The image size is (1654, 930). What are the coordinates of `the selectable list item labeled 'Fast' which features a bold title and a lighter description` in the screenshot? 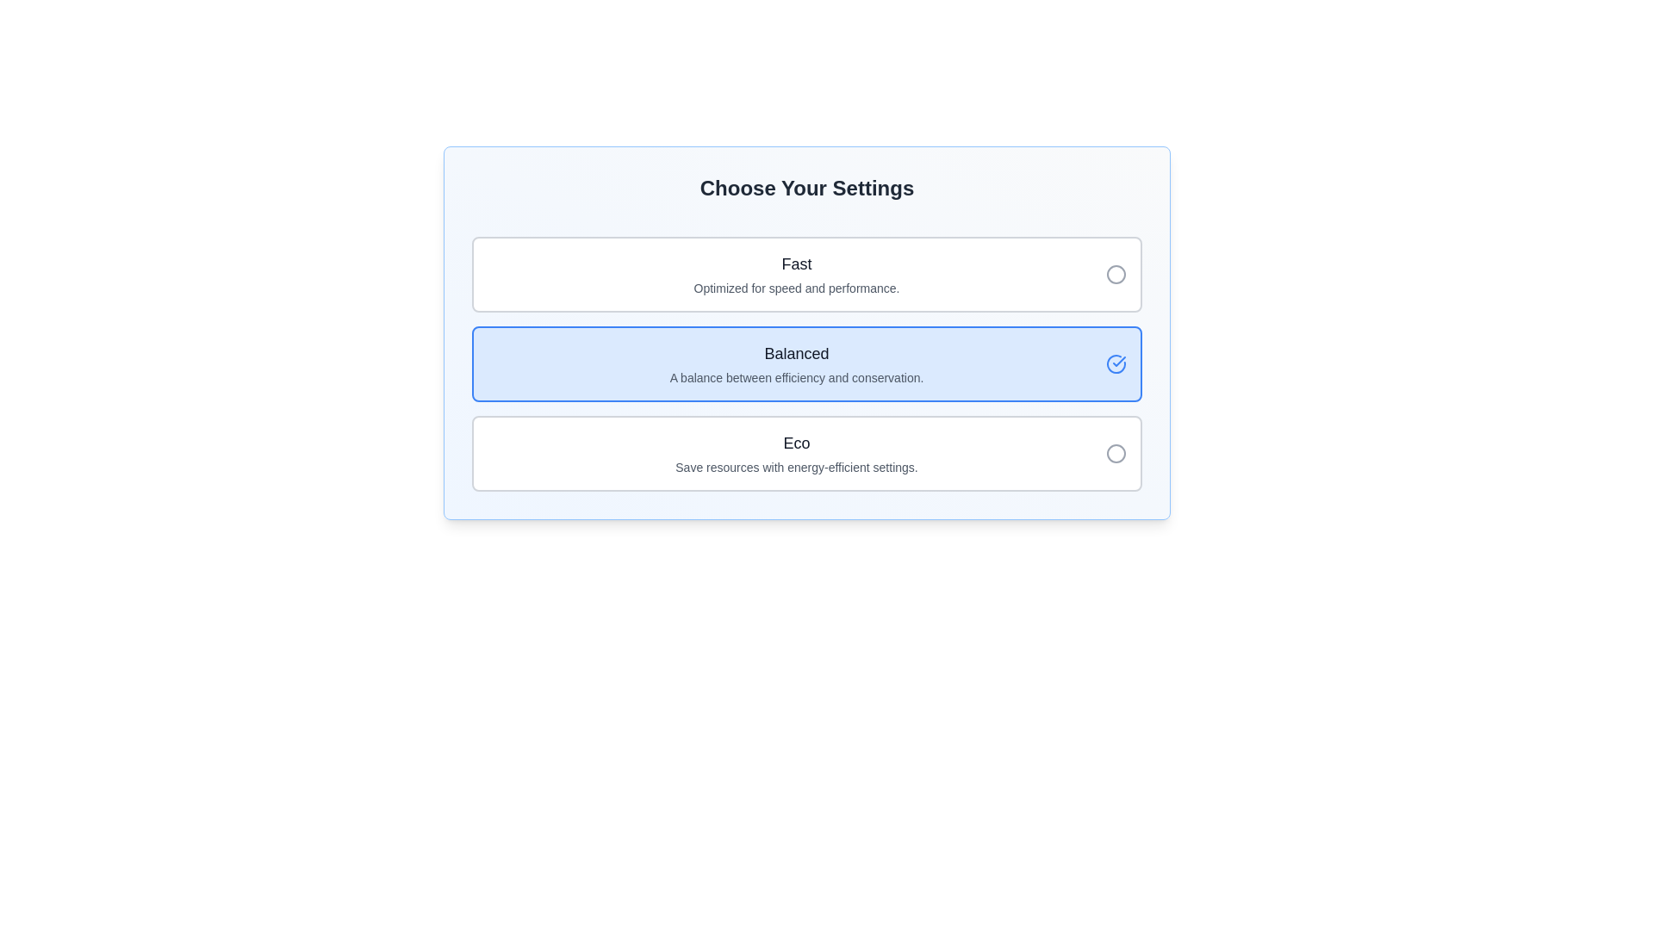 It's located at (796, 274).